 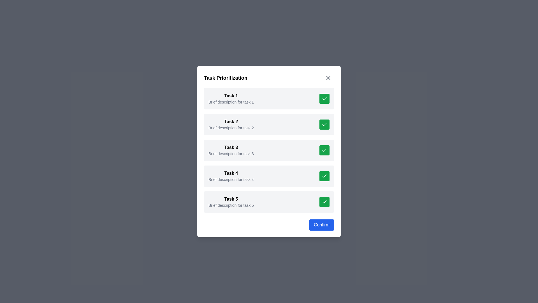 I want to click on the checkmark icon indicating task completion status located within the 'Task Prioritization' modal, specifically associated with the second task in the list, so click(x=324, y=124).